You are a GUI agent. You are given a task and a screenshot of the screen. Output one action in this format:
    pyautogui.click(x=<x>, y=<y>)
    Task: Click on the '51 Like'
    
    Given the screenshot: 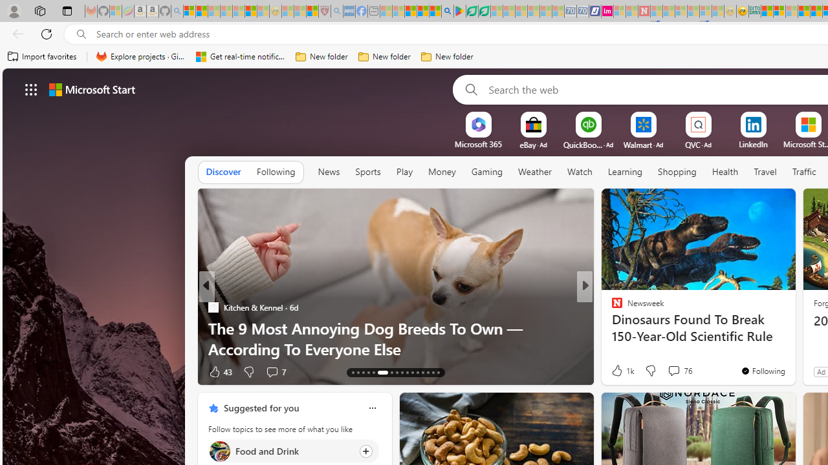 What is the action you would take?
    pyautogui.click(x=618, y=371)
    